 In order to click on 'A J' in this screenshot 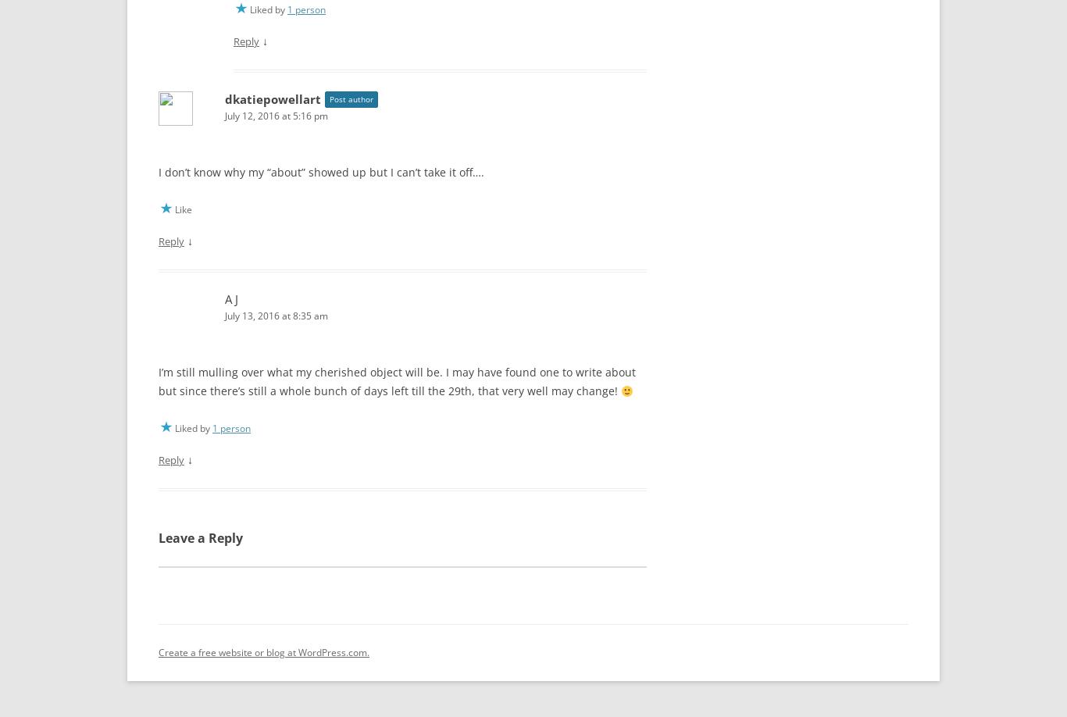, I will do `click(224, 295)`.